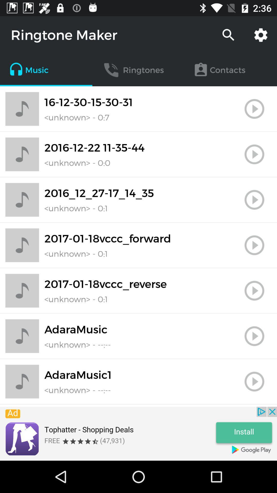 This screenshot has height=493, width=277. What do you see at coordinates (254, 336) in the screenshot?
I see `file` at bounding box center [254, 336].